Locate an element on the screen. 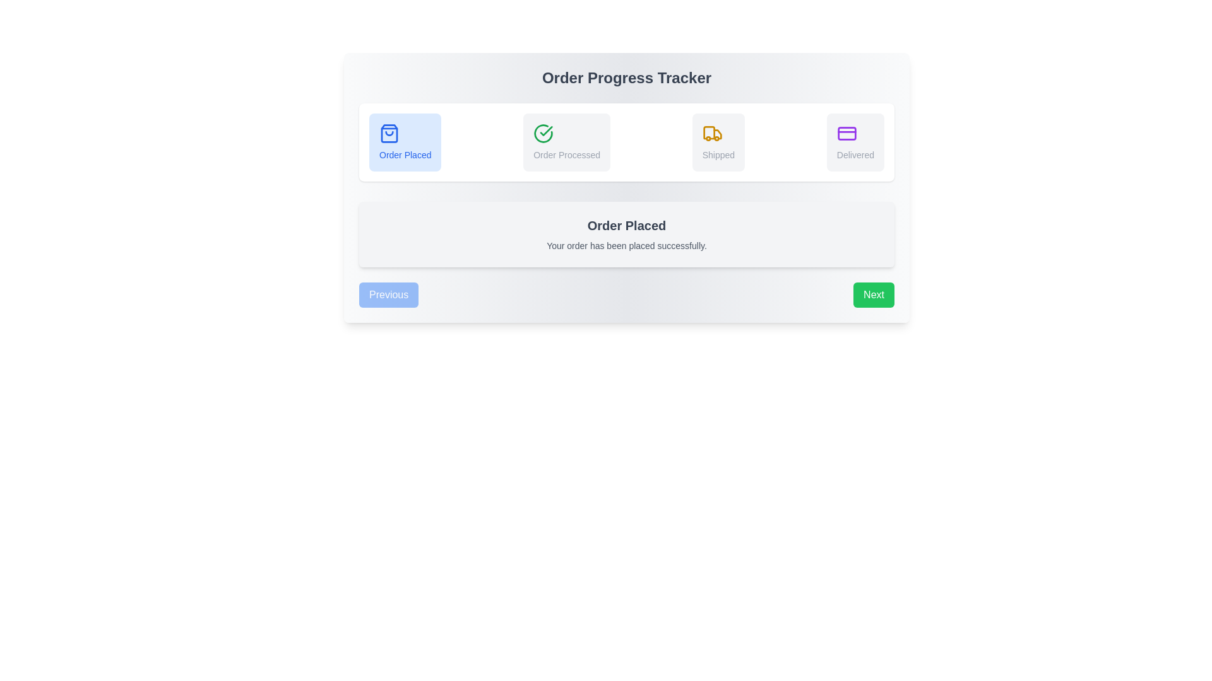 The image size is (1212, 681). the rectangular button with a blue background and white text reading 'Previous' is located at coordinates (388, 294).